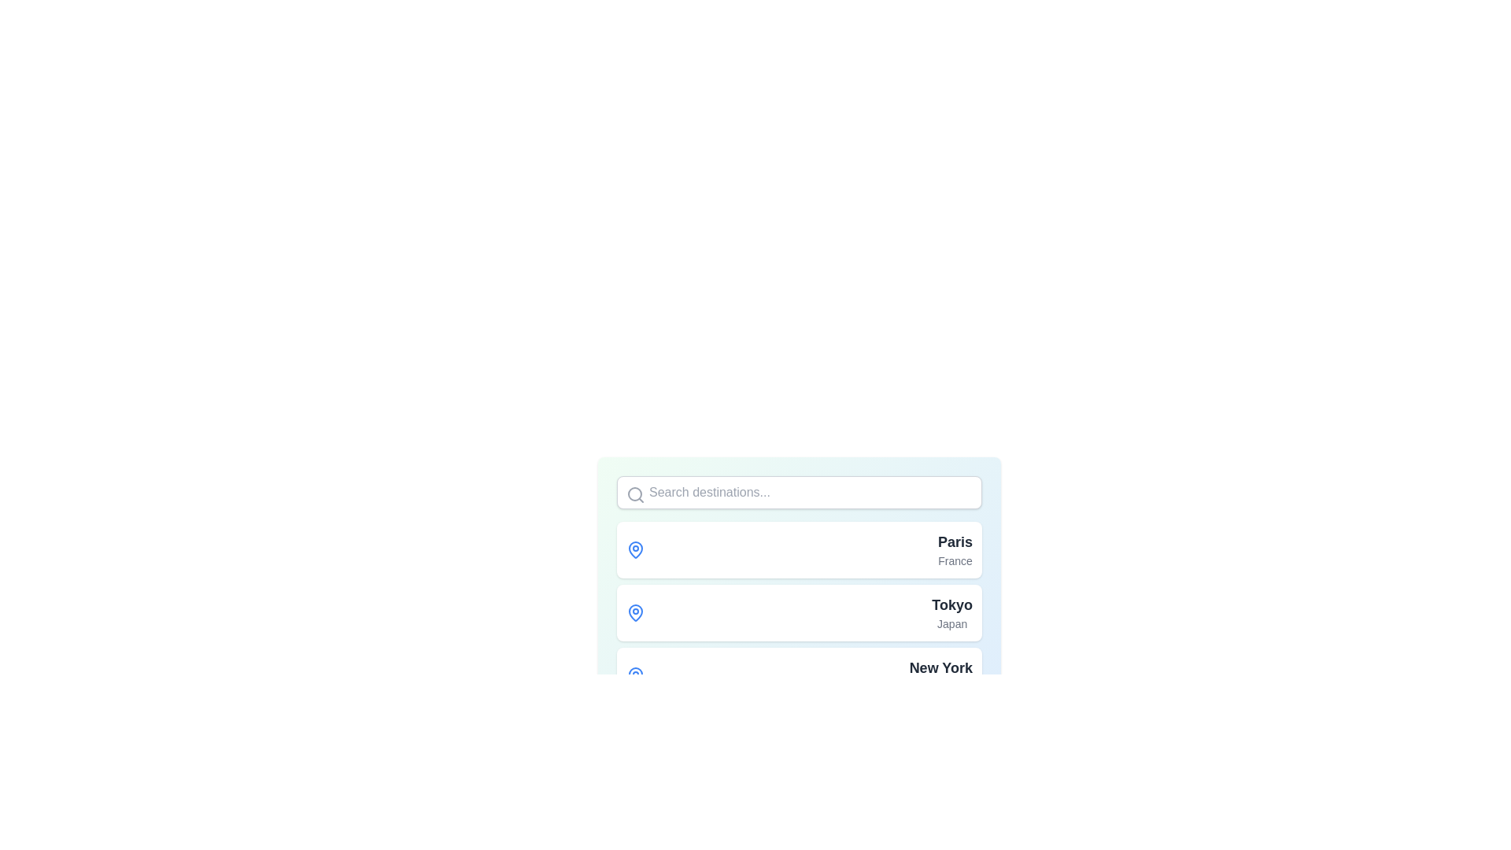 The image size is (1511, 850). I want to click on the selectable option for 'New York' associated with the country 'USA', so click(940, 675).